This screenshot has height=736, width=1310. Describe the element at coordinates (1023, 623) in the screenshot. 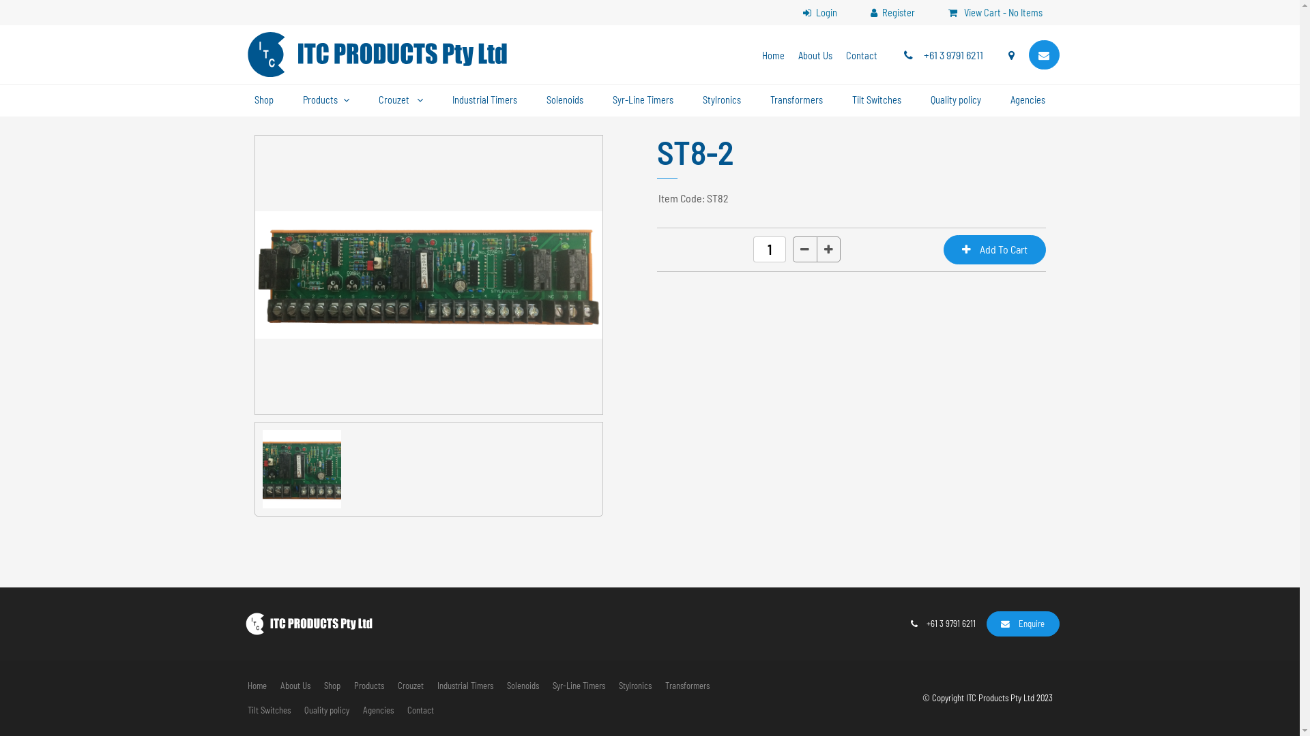

I see `'Enquire'` at that location.